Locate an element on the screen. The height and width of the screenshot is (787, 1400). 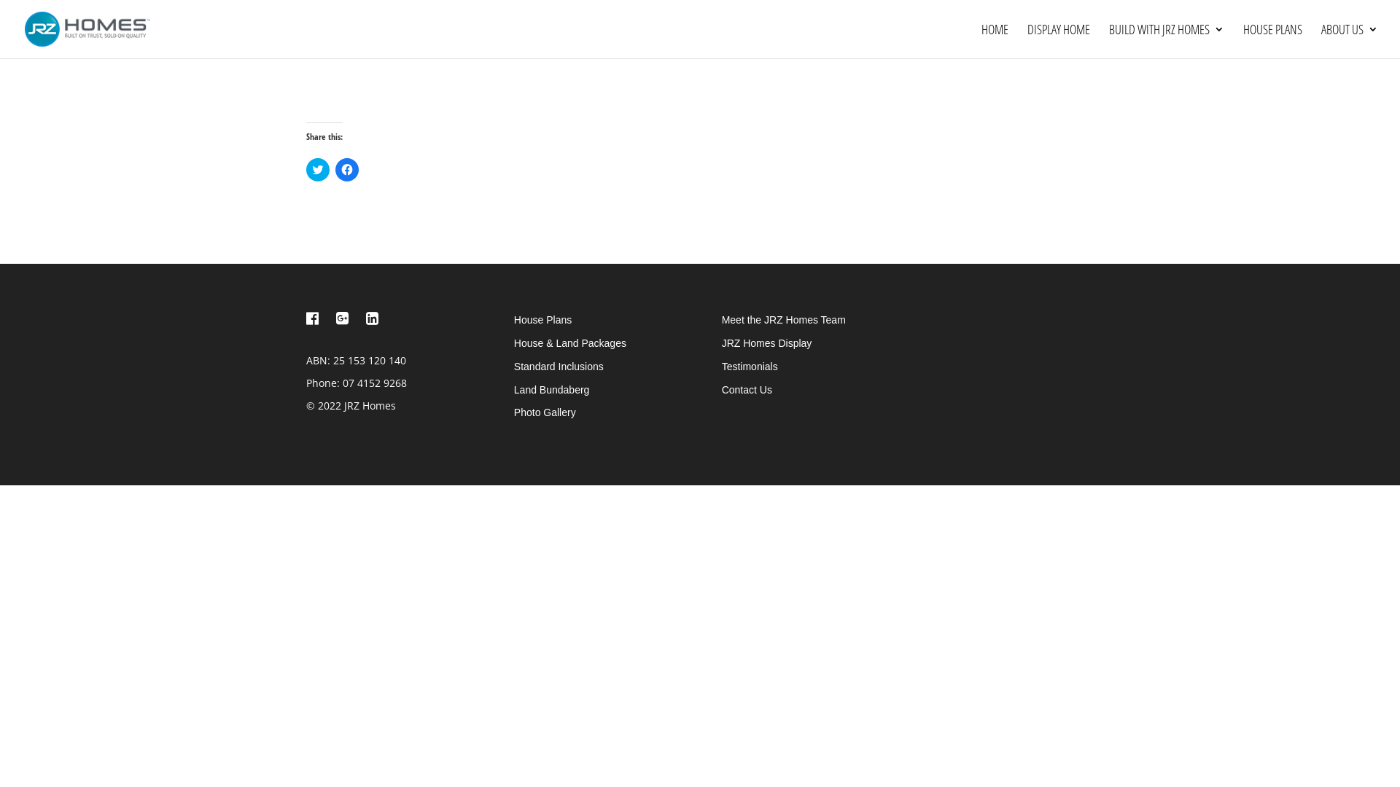
'Photo Gallery' is located at coordinates (544, 412).